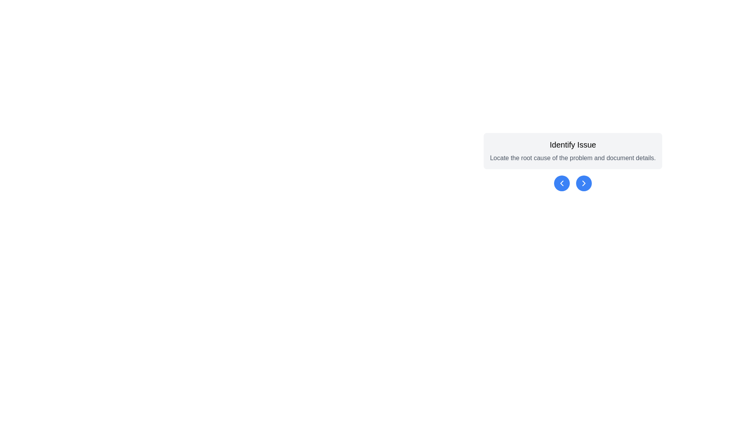  What do you see at coordinates (562, 183) in the screenshot?
I see `the left-facing chevron arrow SVG icon, which is styled with no fill and a stroked outline, located on a blue circular background, to trigger a tooltip if available` at bounding box center [562, 183].